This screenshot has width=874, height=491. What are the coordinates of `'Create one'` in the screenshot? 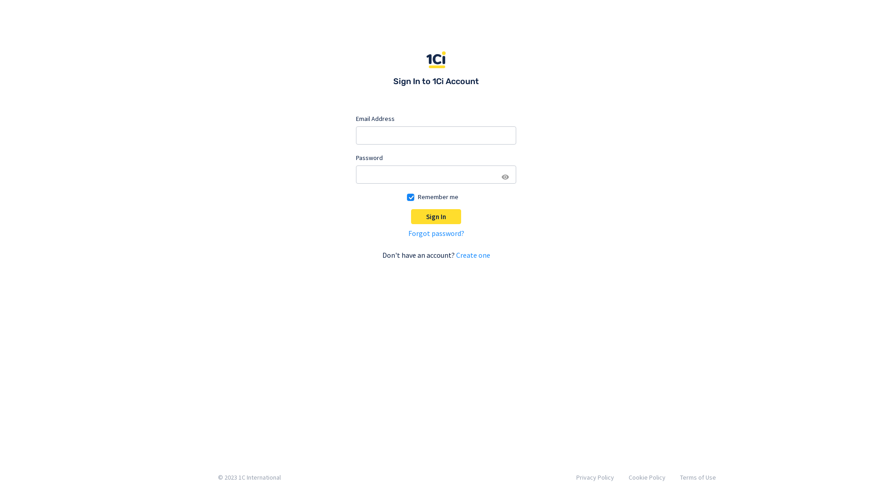 It's located at (456, 255).